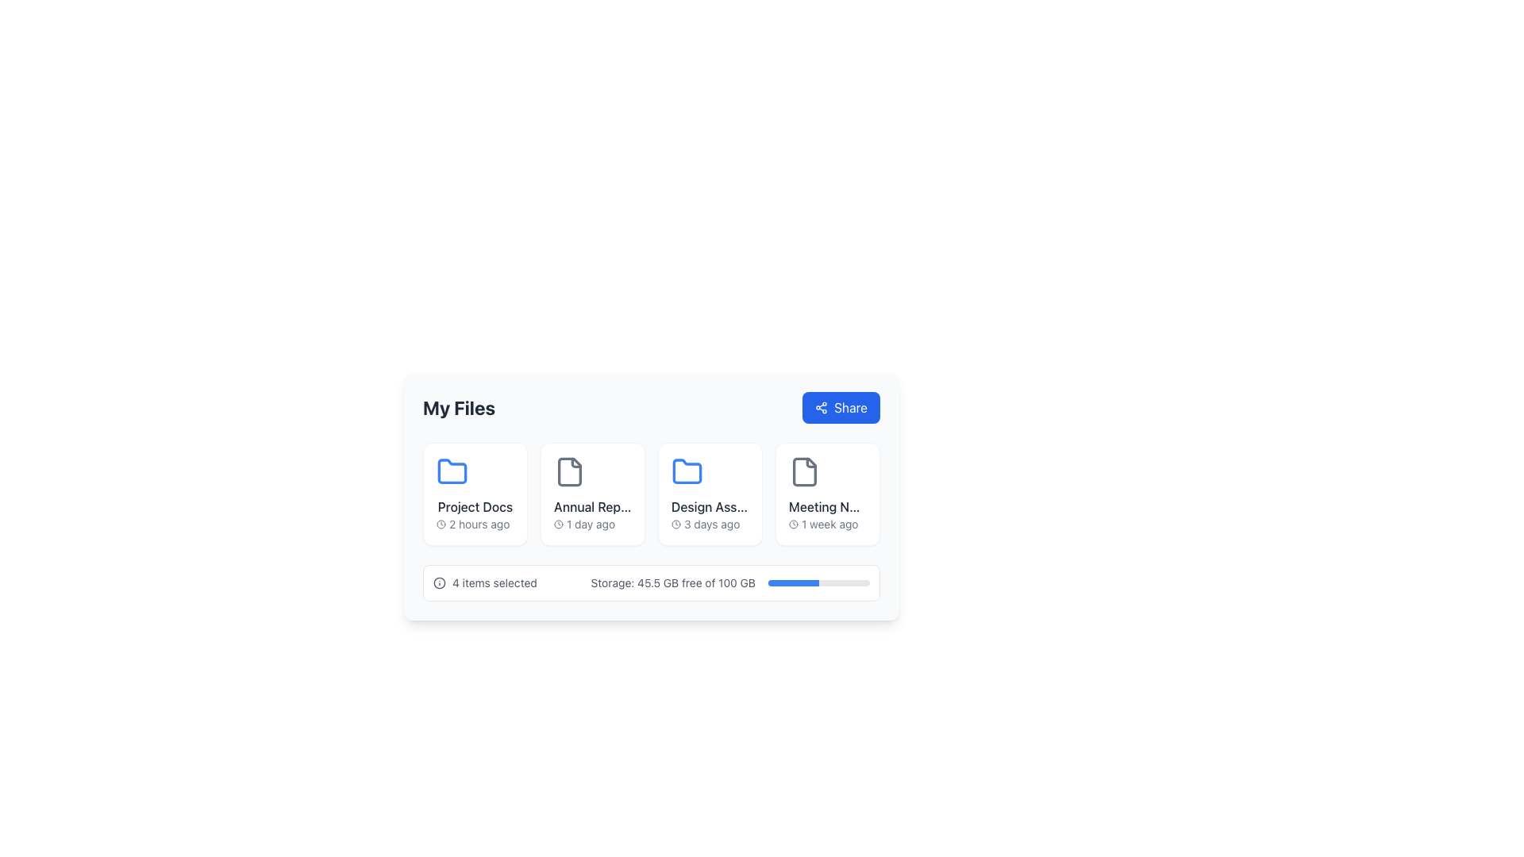  I want to click on the graphical icon element resembling a file, specifically the rectangular area of the 'Annual Report' entry, so click(570, 471).